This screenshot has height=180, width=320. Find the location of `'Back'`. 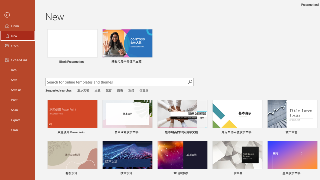

'Back' is located at coordinates (18, 15).